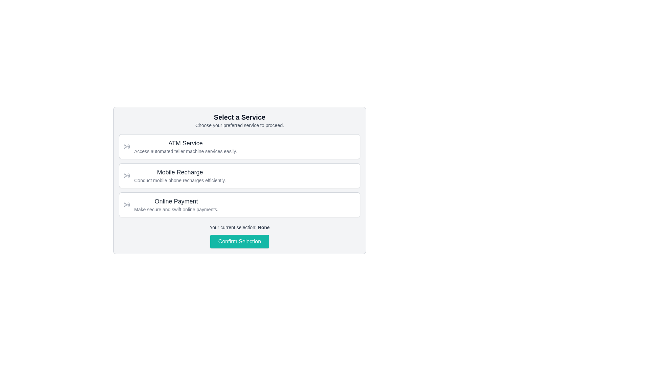 The image size is (649, 365). Describe the element at coordinates (240, 175) in the screenshot. I see `the 'Mobile Recharge' option selector button, which is the second item in the 'Select a Service' group, positioned between 'ATM Service' and 'Online Payment'` at that location.